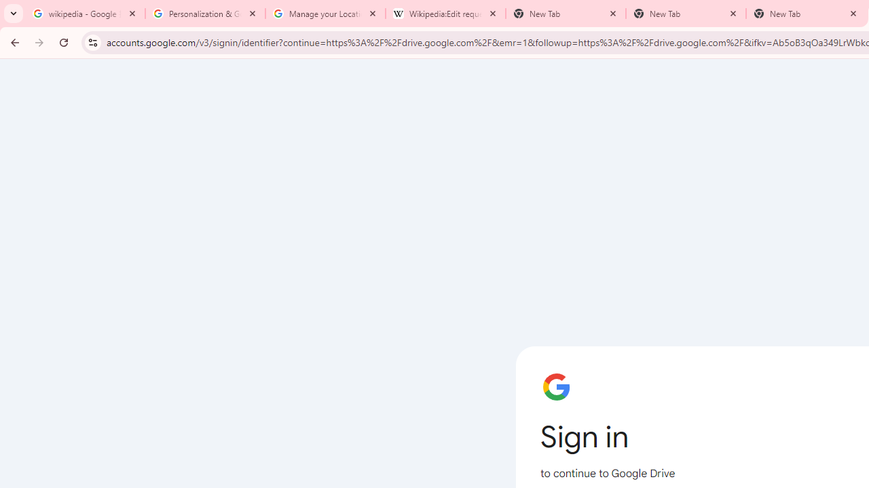 The width and height of the screenshot is (869, 488). Describe the element at coordinates (445, 14) in the screenshot. I see `'Wikipedia:Edit requests - Wikipedia'` at that location.